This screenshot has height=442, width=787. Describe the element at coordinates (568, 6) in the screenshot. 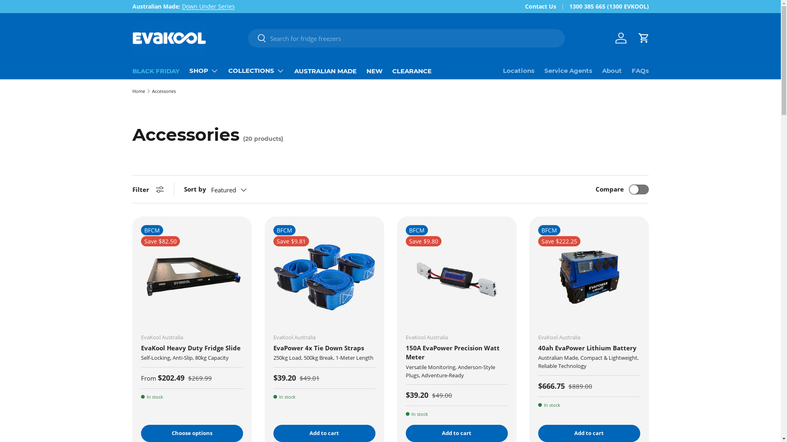

I see `'1300 385 665 (1300 EVKOOL)'` at that location.